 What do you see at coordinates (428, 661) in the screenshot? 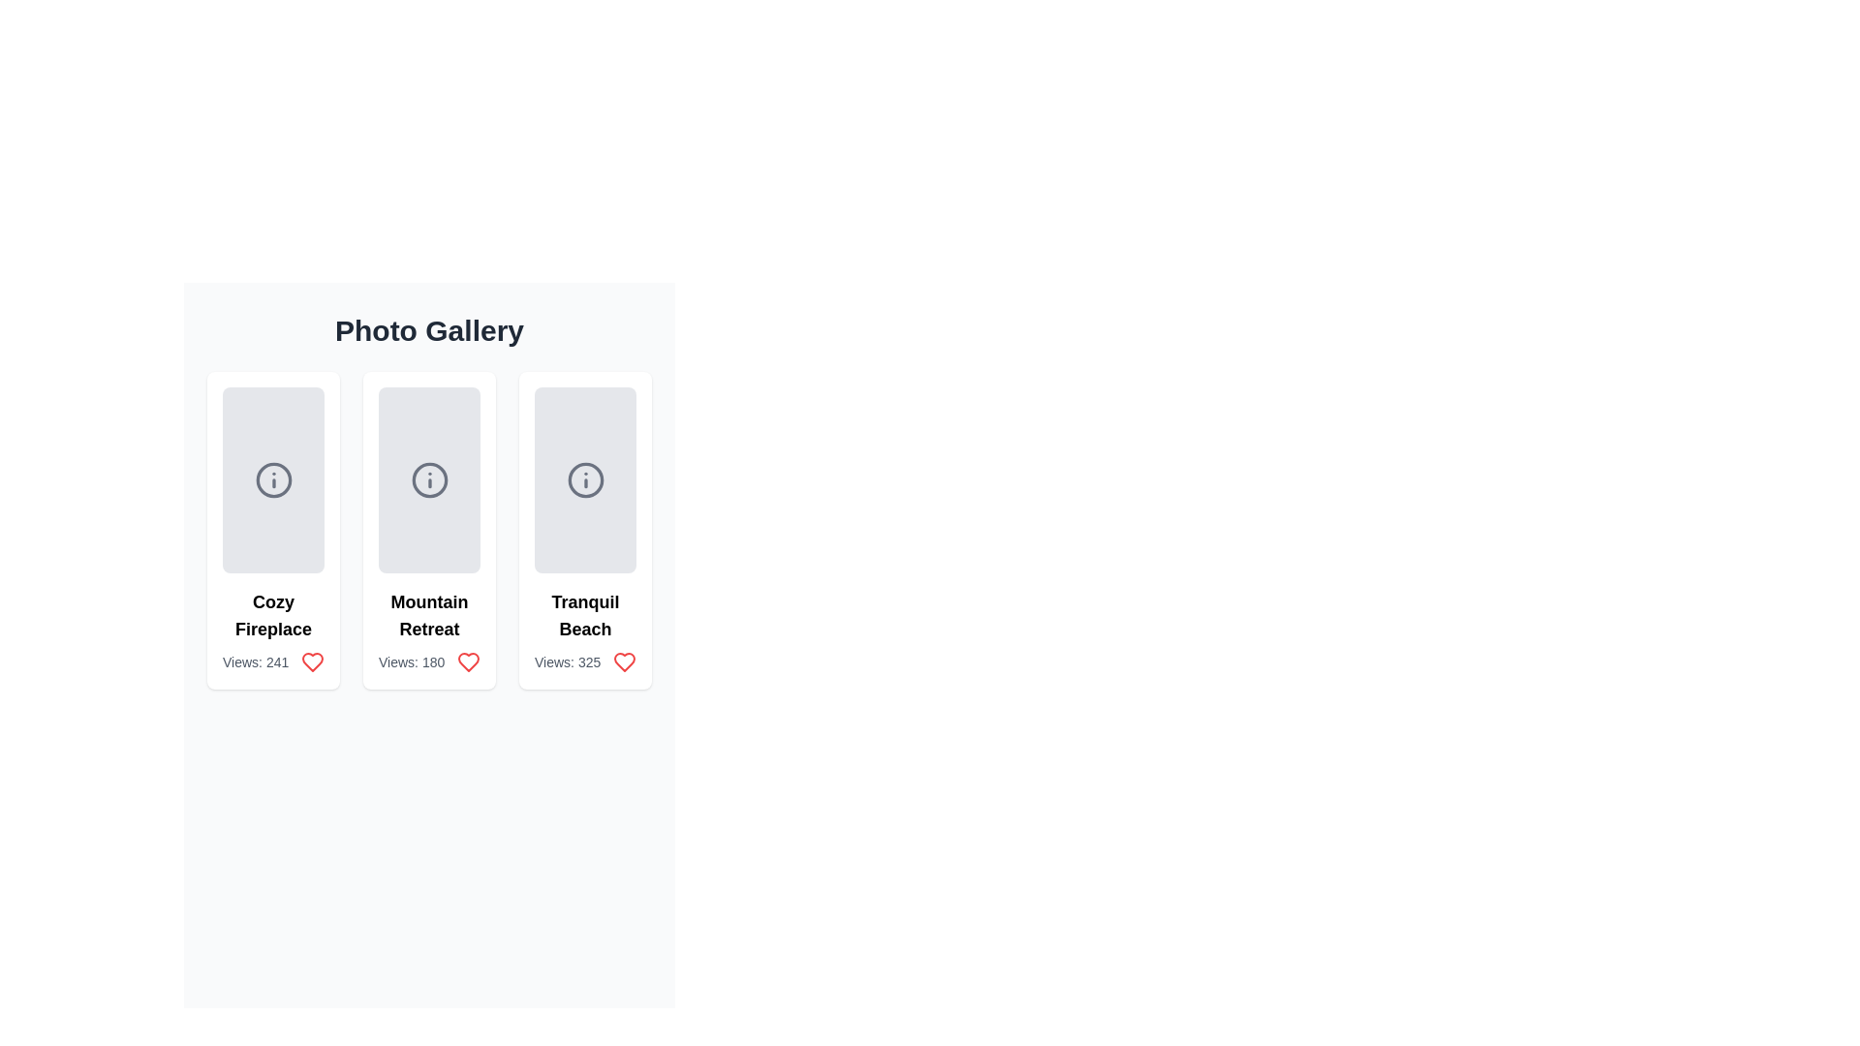
I see `the text label displaying 'Views: 180' located at the bottom section of the 'Mountain Retreat' card` at bounding box center [428, 661].